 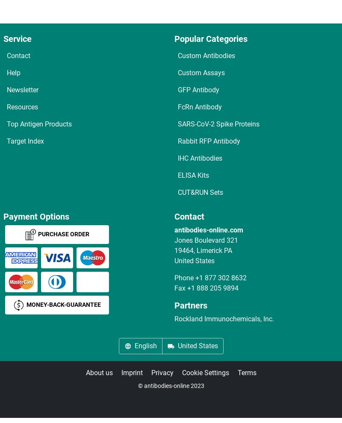 I want to click on '© antibodies-online 2023', so click(x=170, y=385).